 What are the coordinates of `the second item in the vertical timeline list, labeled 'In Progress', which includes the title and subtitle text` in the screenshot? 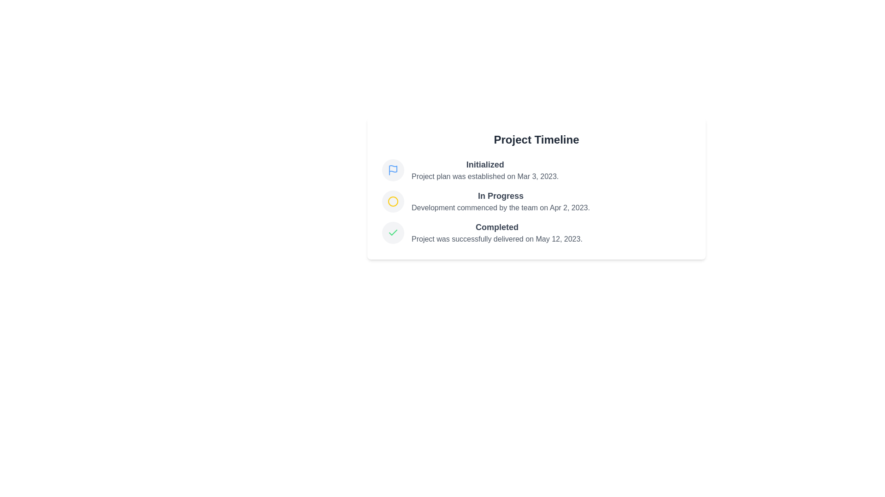 It's located at (536, 201).